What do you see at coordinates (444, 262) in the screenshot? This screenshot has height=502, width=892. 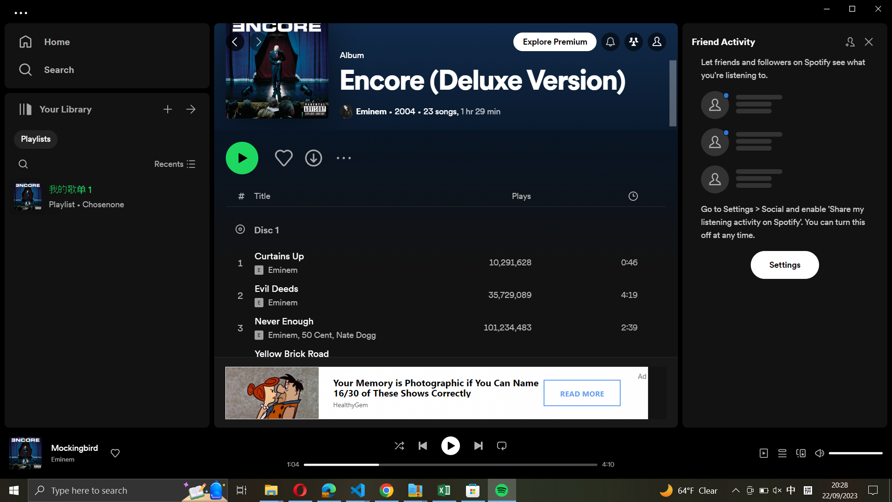 I see `Listen to Cutains Up` at bounding box center [444, 262].